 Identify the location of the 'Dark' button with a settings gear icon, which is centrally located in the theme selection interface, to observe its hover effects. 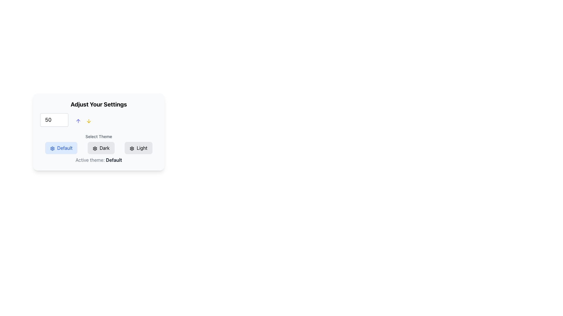
(101, 147).